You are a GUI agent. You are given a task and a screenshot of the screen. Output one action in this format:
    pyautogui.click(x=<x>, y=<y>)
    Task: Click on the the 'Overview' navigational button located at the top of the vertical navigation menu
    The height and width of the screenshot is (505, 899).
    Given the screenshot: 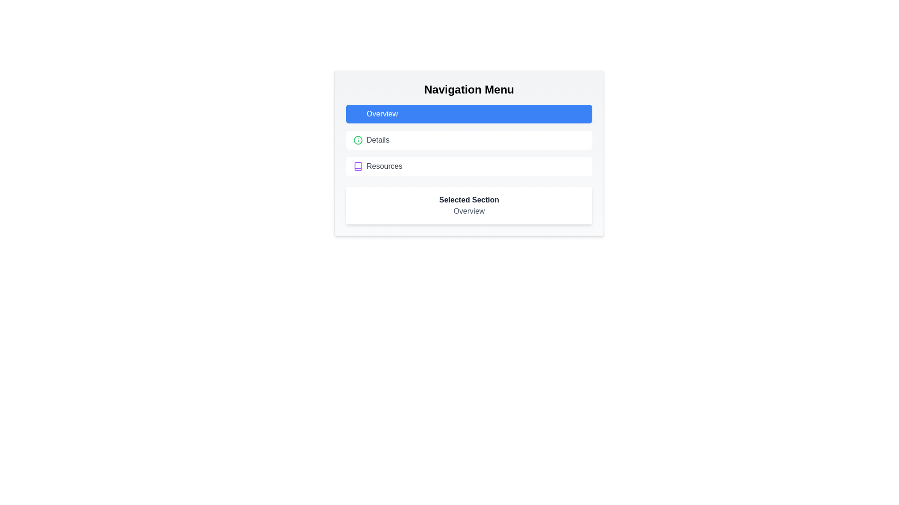 What is the action you would take?
    pyautogui.click(x=469, y=113)
    